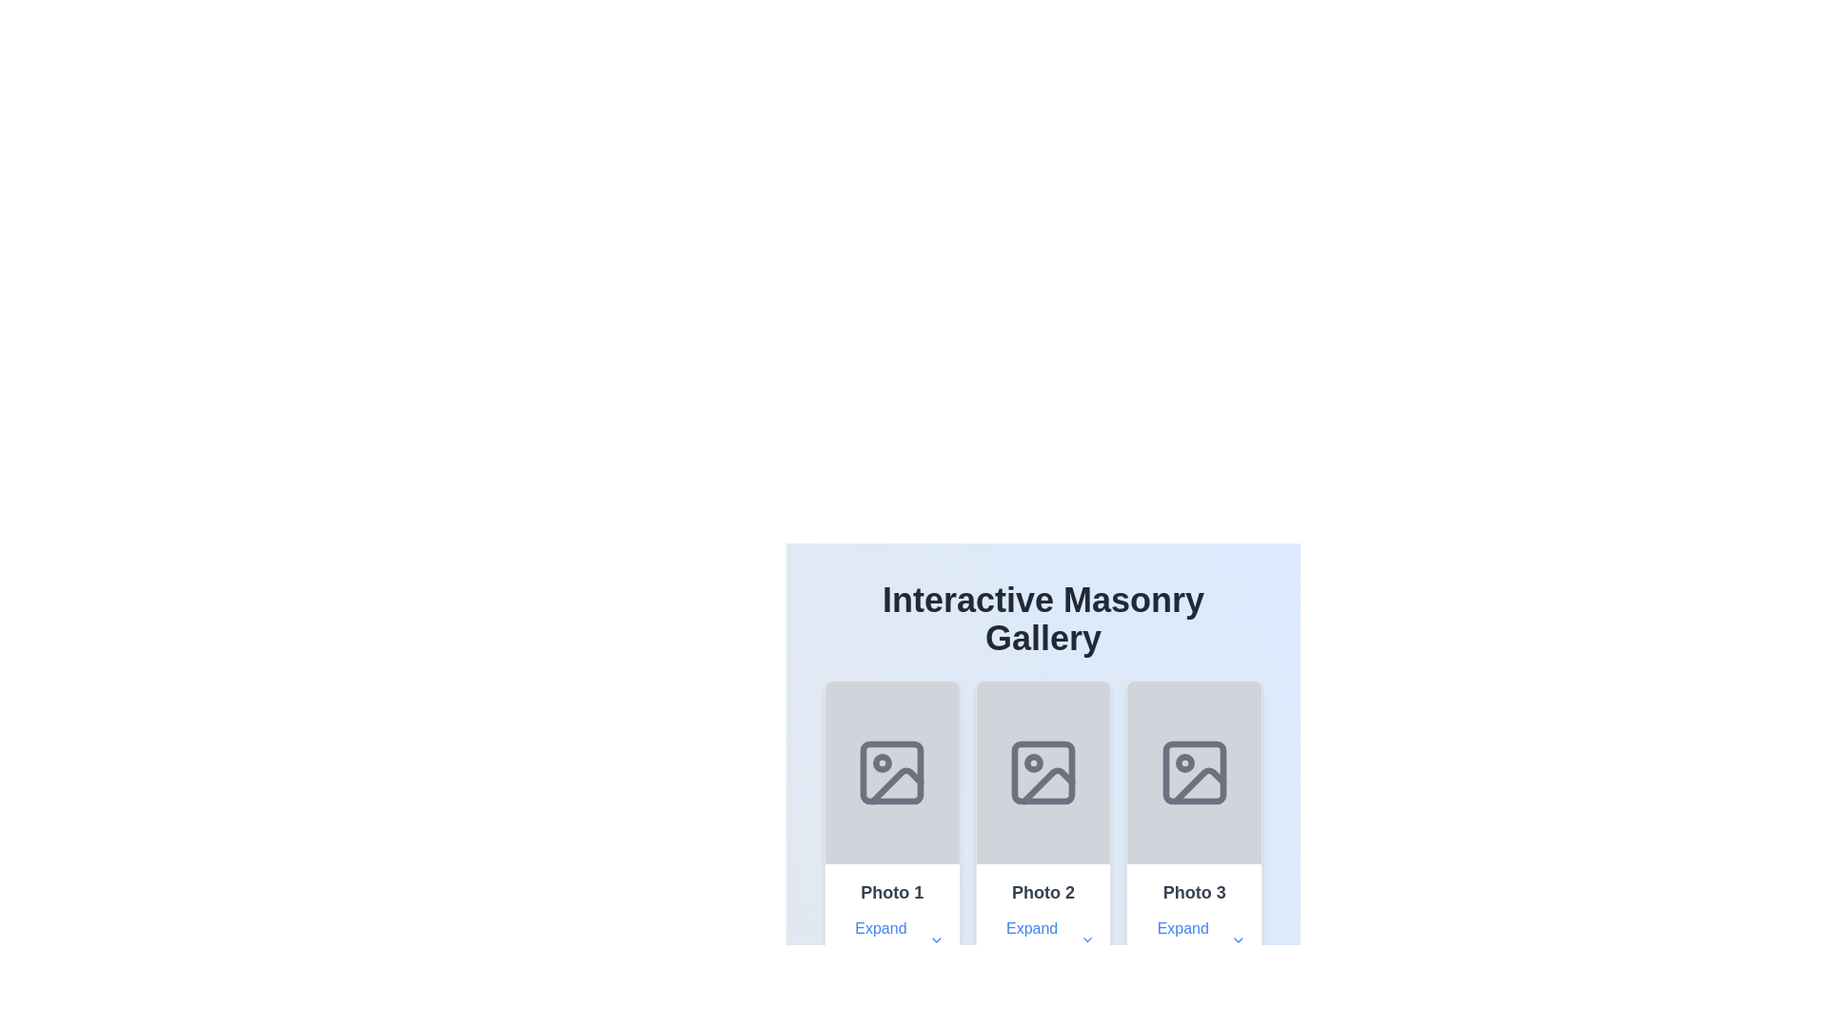  I want to click on the text label displaying 'Photo 2' that is part of the 'Interactive Masonry Gallery' layout, located below the second image in the gallery, so click(1042, 892).